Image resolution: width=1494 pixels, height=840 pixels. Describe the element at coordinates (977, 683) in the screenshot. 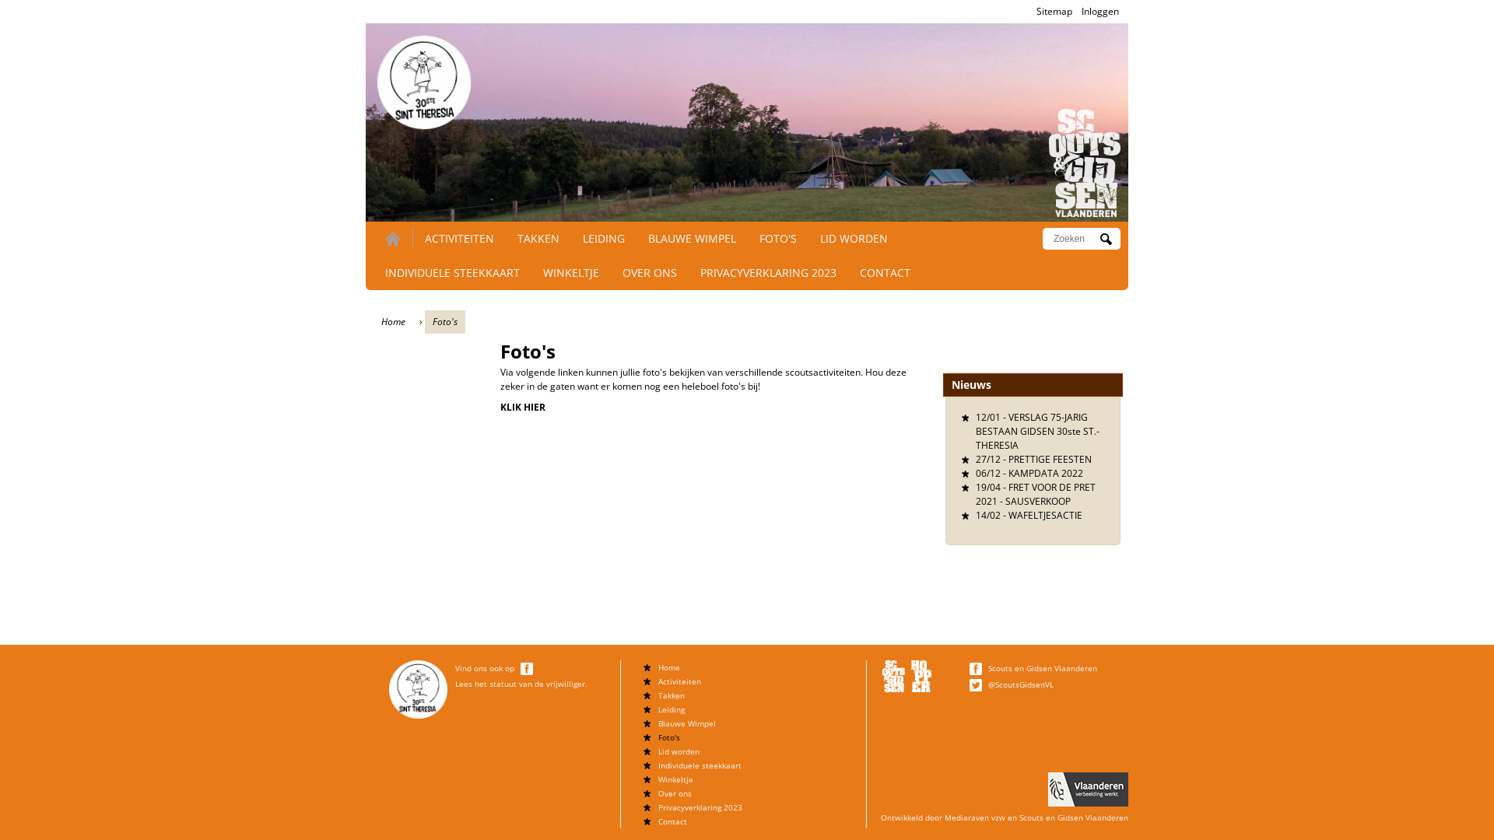

I see `'Scouts & Gidsen Vlaanderen op Twitter'` at that location.